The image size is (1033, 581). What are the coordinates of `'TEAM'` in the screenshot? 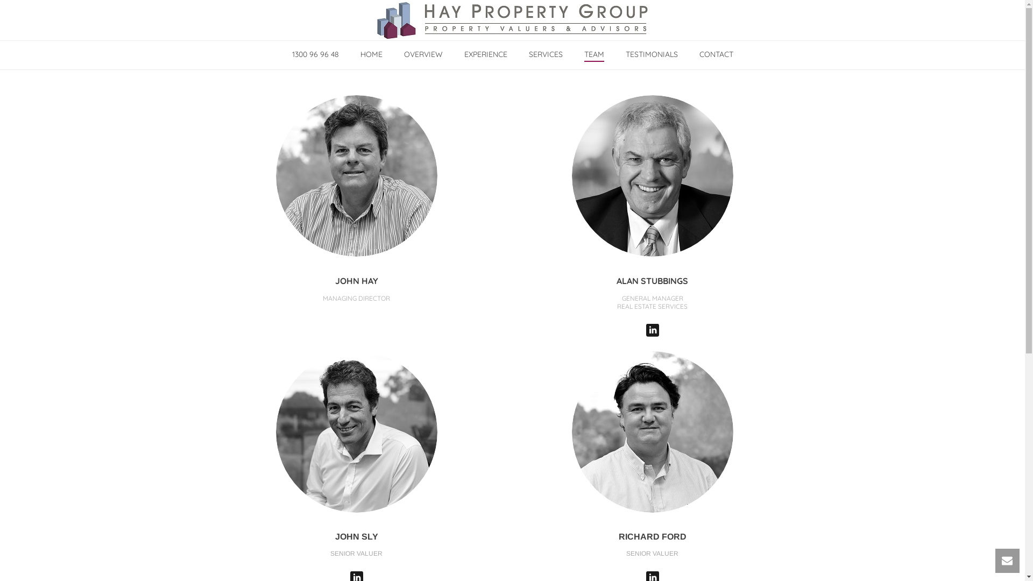 It's located at (593, 55).